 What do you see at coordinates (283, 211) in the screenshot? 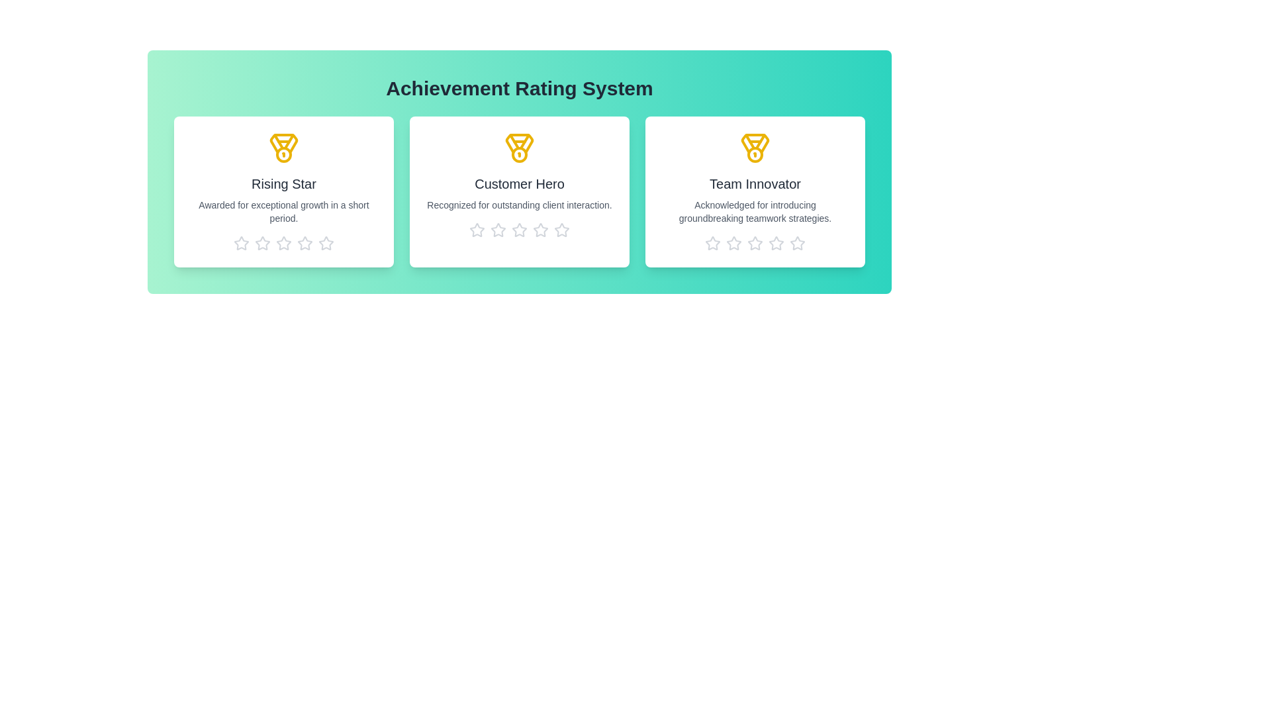
I see `the description of the achievement Rising Star` at bounding box center [283, 211].